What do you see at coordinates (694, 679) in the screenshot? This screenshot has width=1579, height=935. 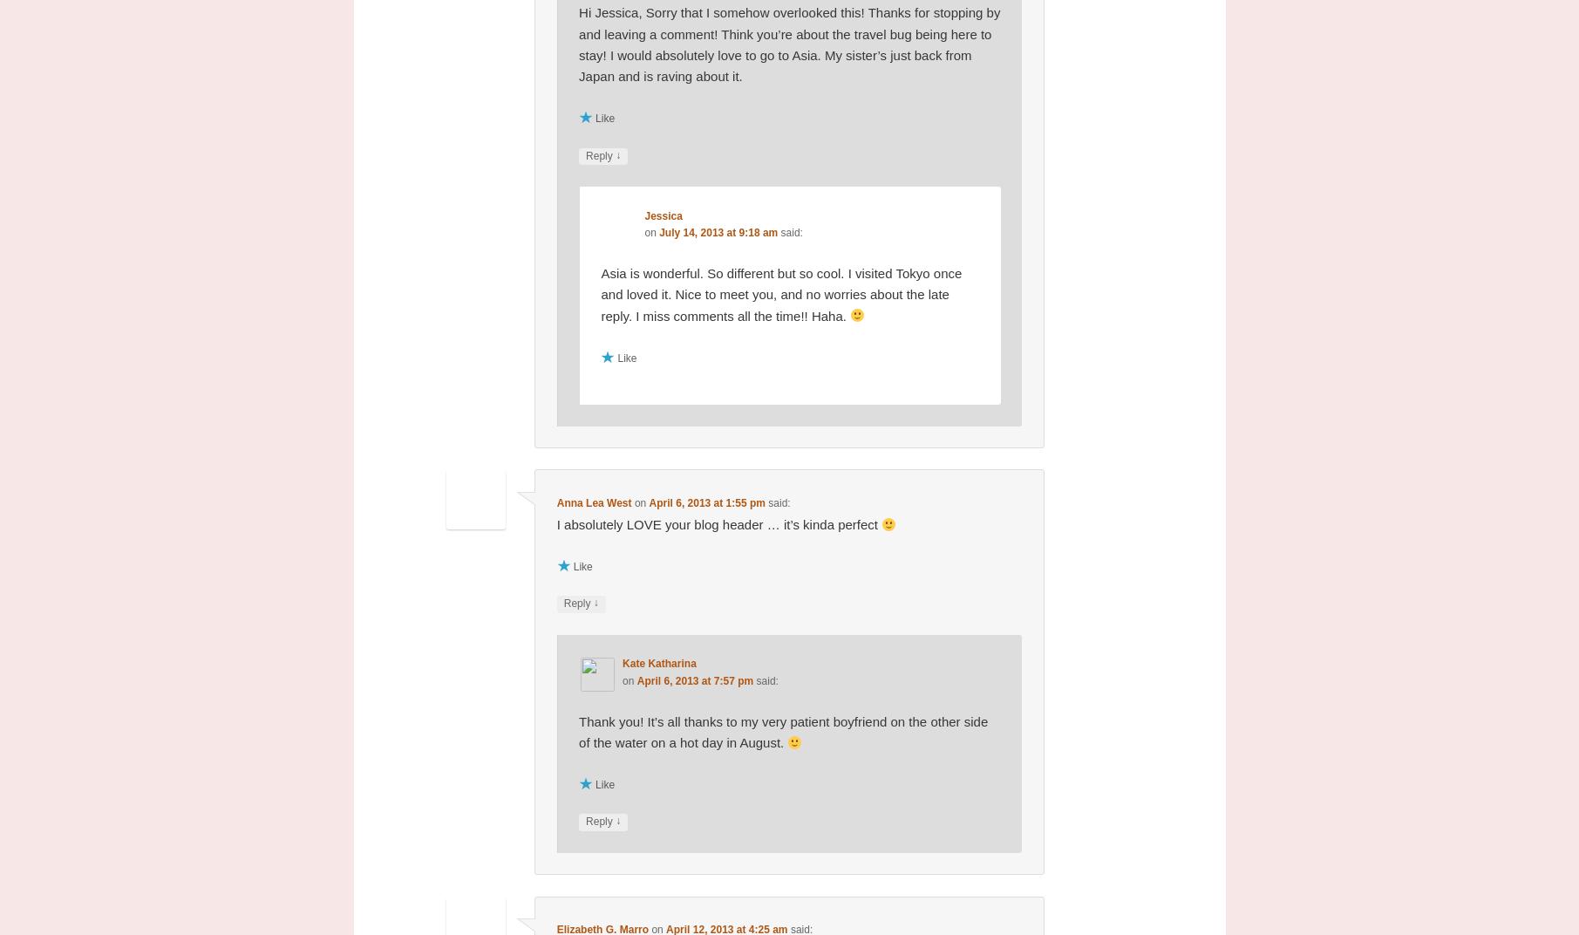 I see `'April 6, 2013 at 7:57 pm'` at bounding box center [694, 679].